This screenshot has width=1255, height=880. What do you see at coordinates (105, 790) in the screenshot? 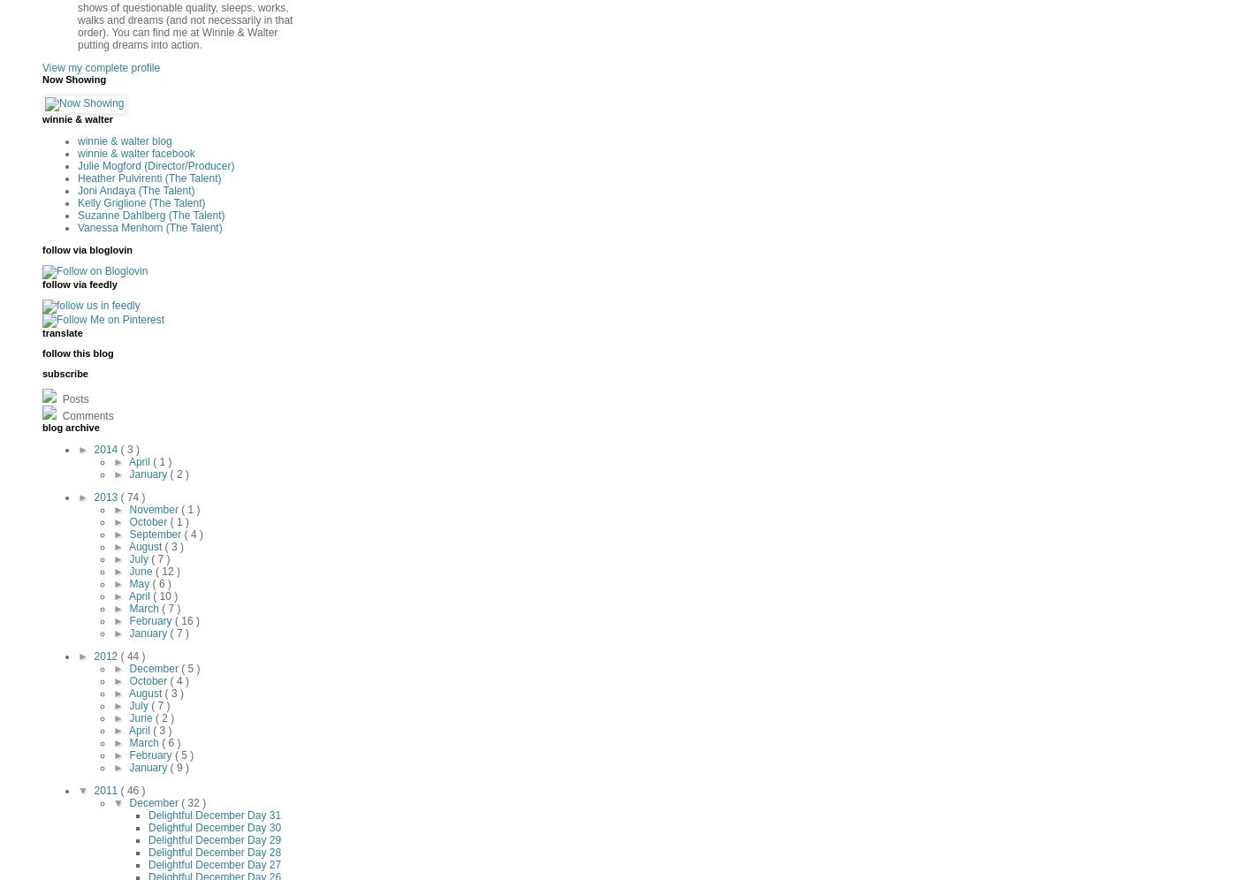
I see `'2011'` at bounding box center [105, 790].